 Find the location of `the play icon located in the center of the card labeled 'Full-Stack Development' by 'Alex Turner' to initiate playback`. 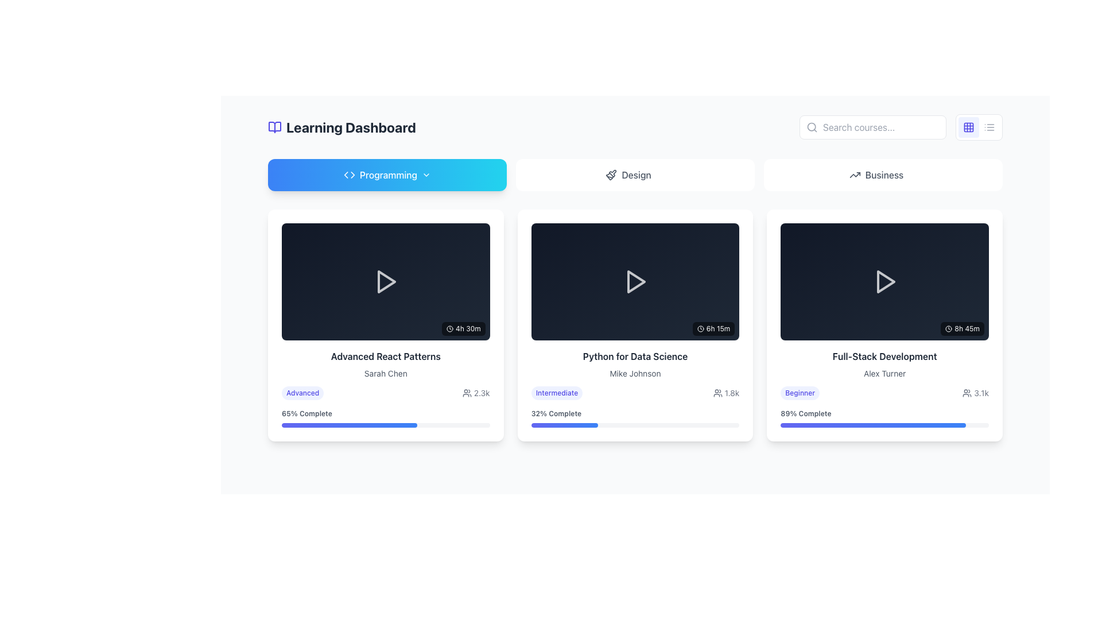

the play icon located in the center of the card labeled 'Full-Stack Development' by 'Alex Turner' to initiate playback is located at coordinates (884, 281).